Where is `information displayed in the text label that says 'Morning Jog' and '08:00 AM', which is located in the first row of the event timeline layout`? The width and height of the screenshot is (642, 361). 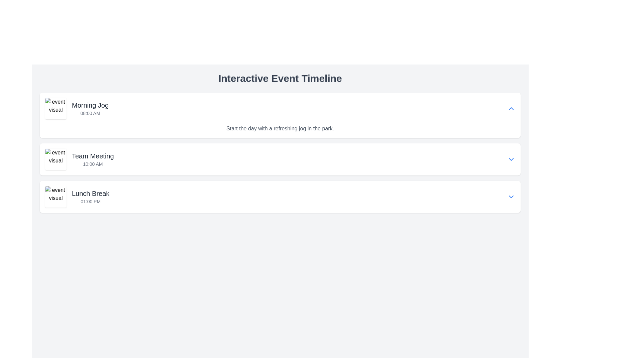
information displayed in the text label that says 'Morning Jog' and '08:00 AM', which is located in the first row of the event timeline layout is located at coordinates (90, 108).